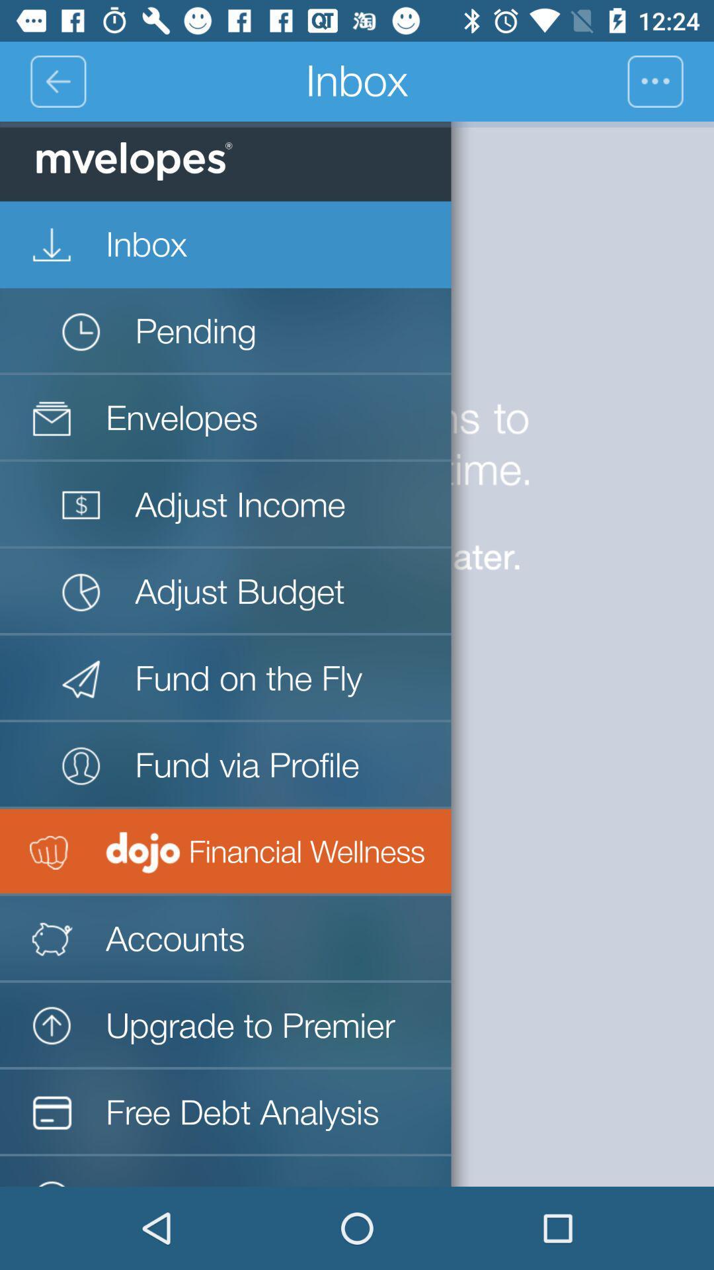 The width and height of the screenshot is (714, 1270). Describe the element at coordinates (57, 81) in the screenshot. I see `the arrow_backward icon` at that location.